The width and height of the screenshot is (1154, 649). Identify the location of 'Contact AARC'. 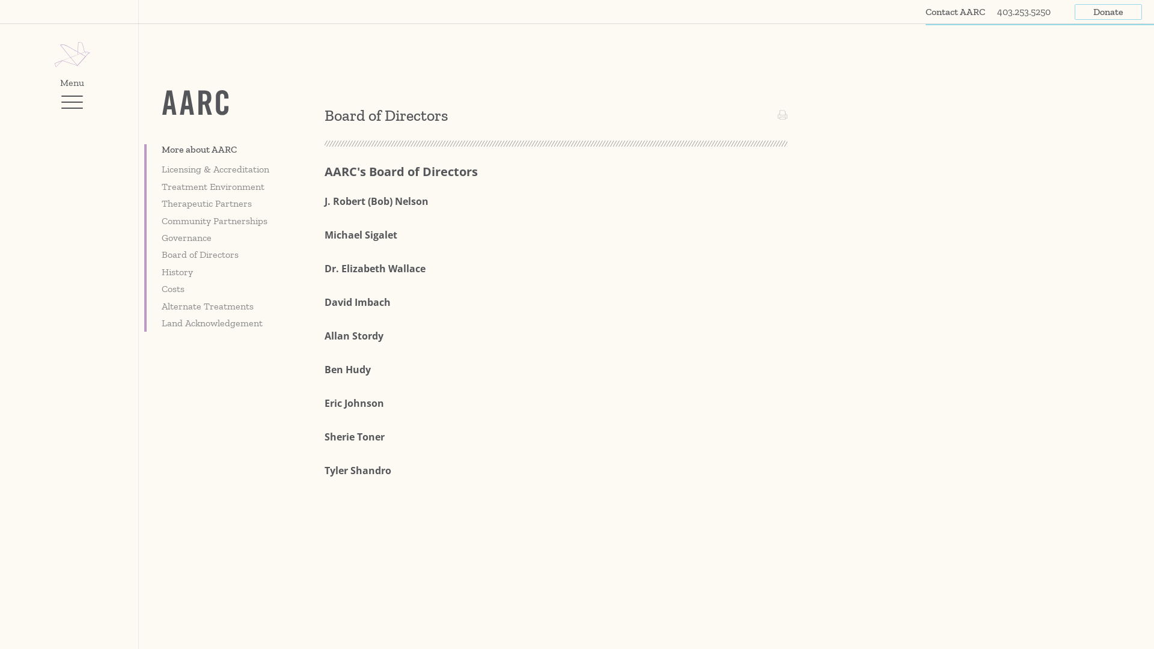
(954, 11).